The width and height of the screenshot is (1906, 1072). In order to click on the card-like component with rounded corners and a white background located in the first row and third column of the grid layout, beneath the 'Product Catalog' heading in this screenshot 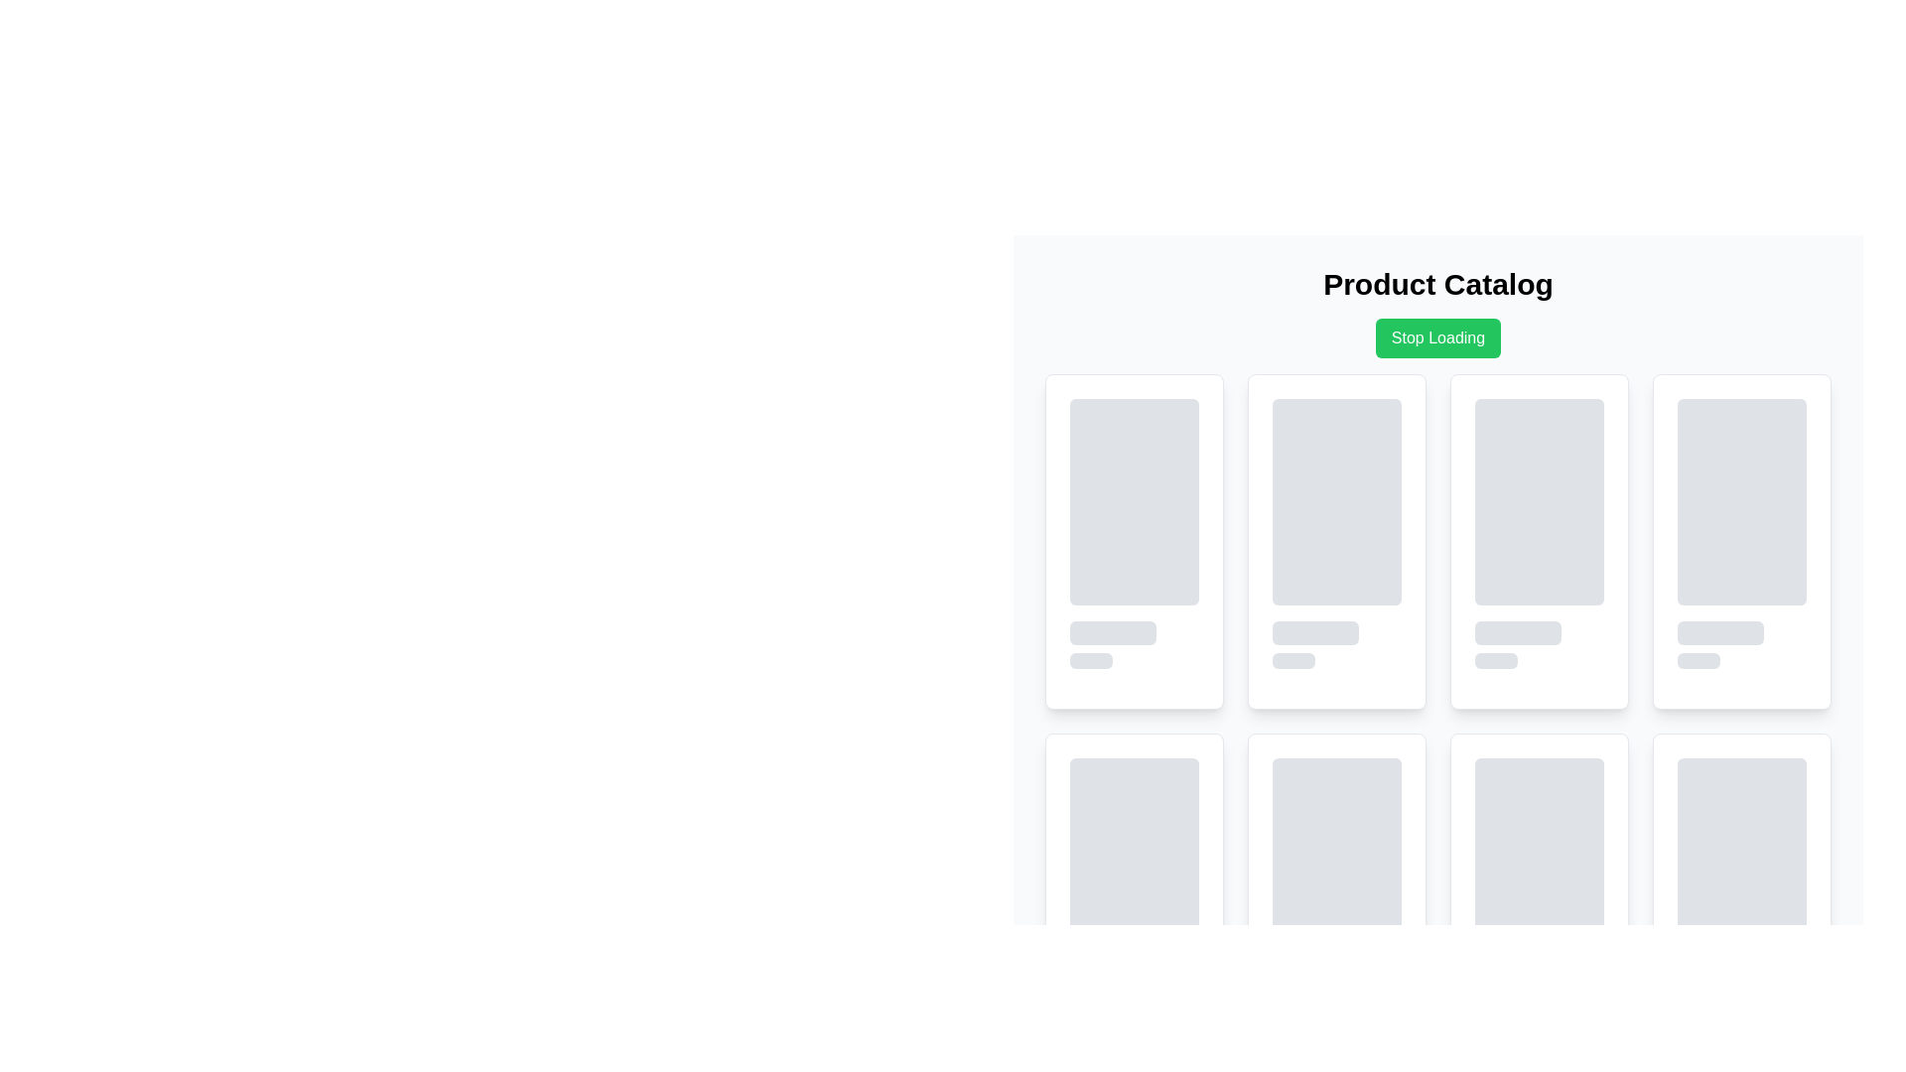, I will do `click(1538, 542)`.